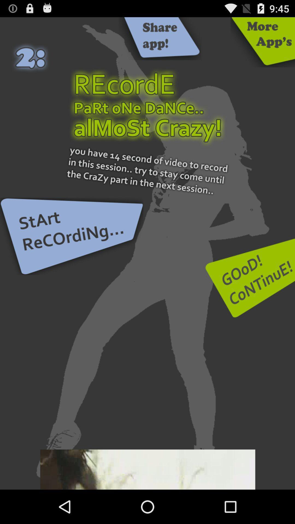  What do you see at coordinates (160, 38) in the screenshot?
I see `advertisement` at bounding box center [160, 38].